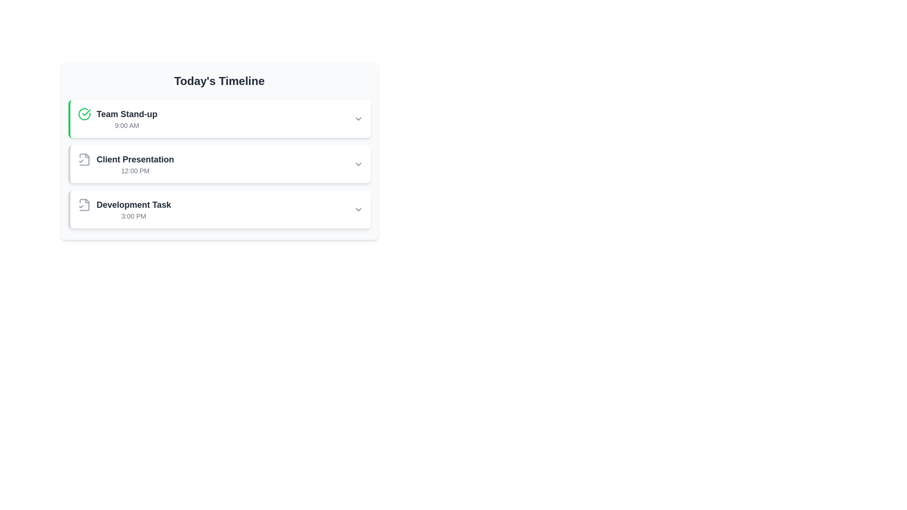 The height and width of the screenshot is (510, 907). Describe the element at coordinates (133, 204) in the screenshot. I see `text content of the Text Label that serves as the title of the third entry in 'Today's Timeline', located above the time '3:00 PM'` at that location.